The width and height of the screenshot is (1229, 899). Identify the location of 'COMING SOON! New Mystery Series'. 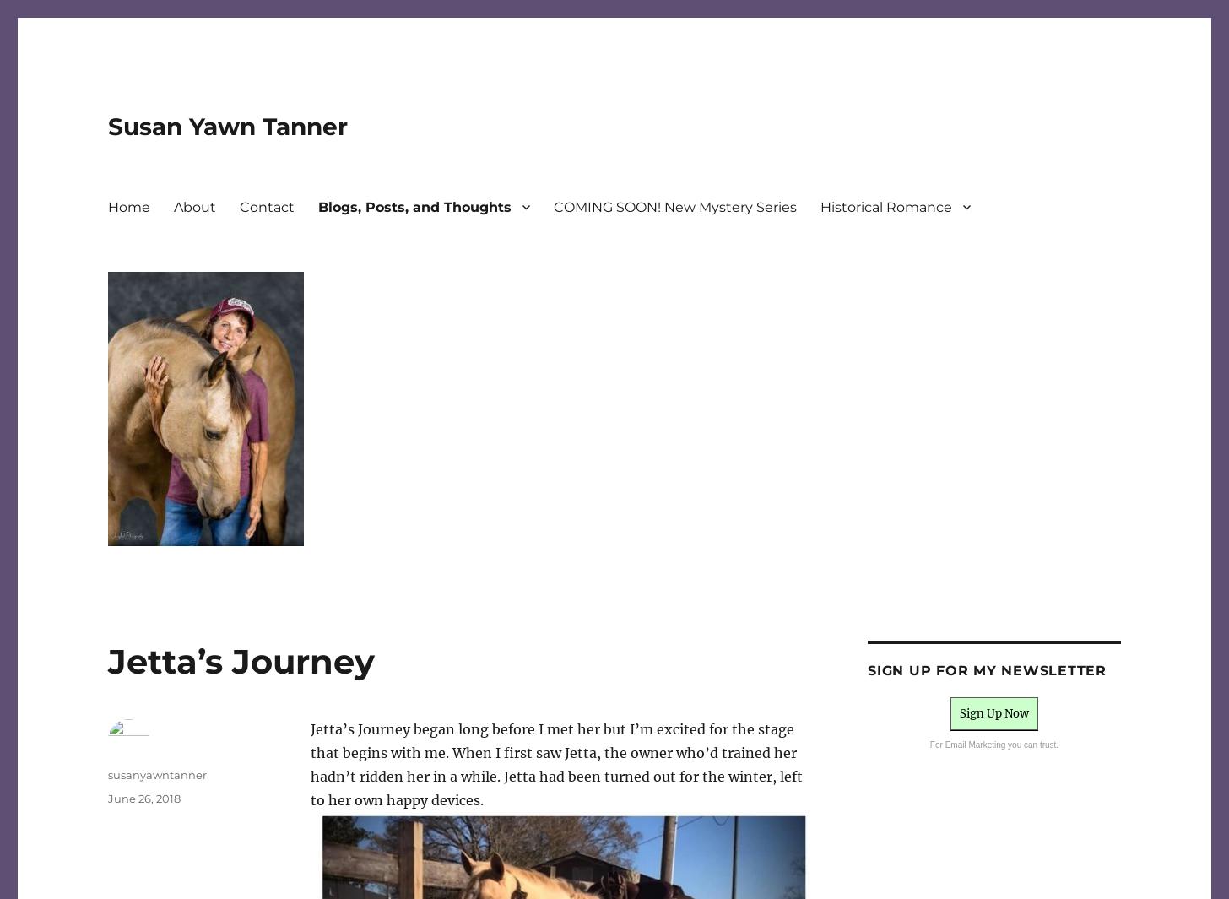
(675, 205).